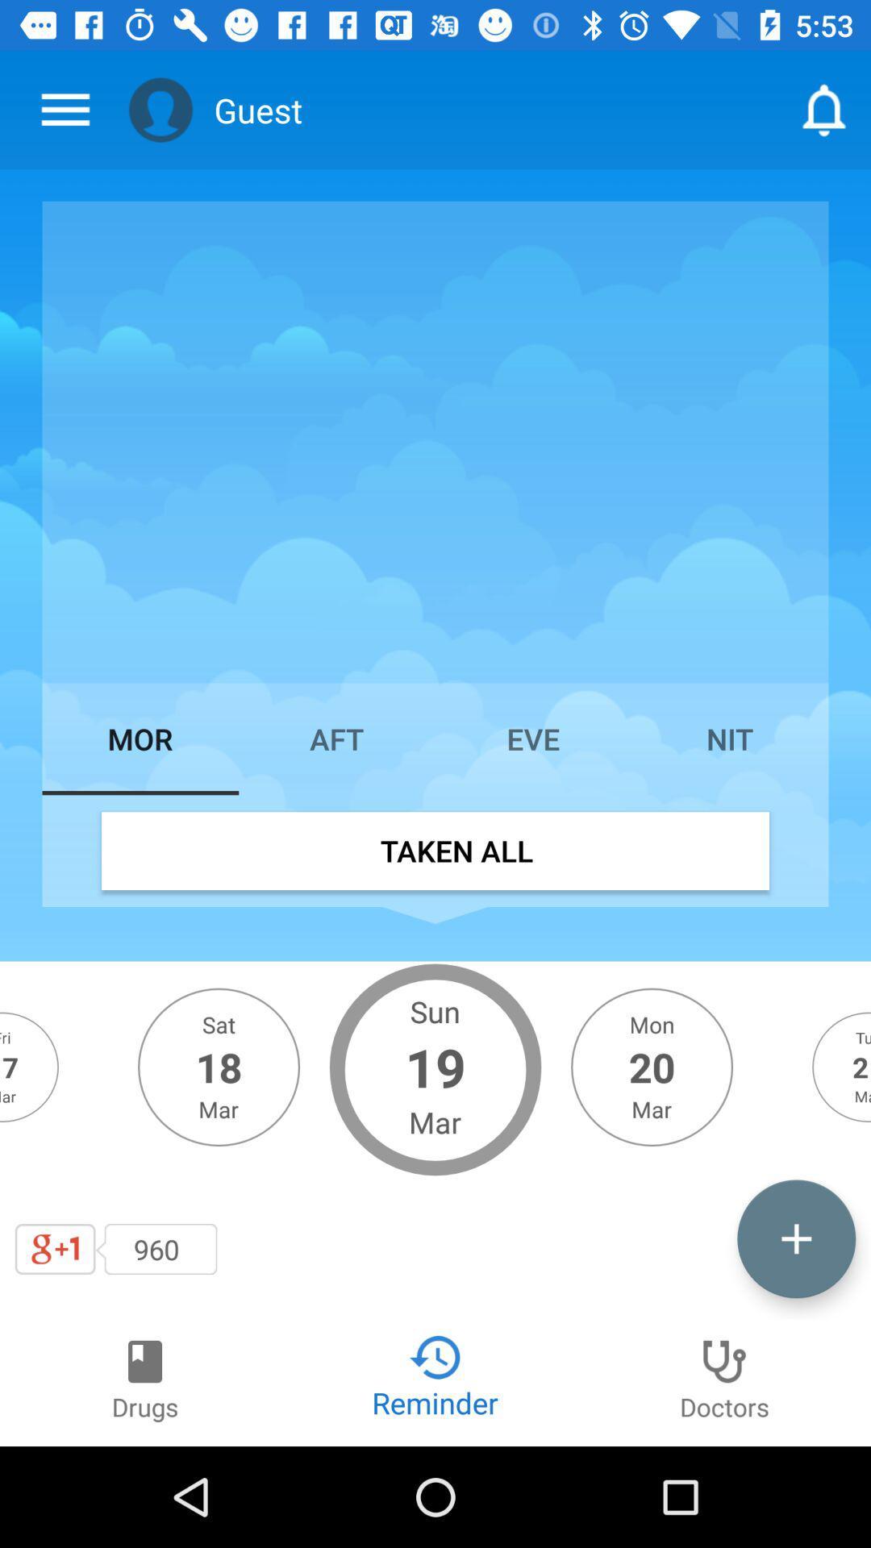  I want to click on icon to the left of guest item, so click(160, 109).